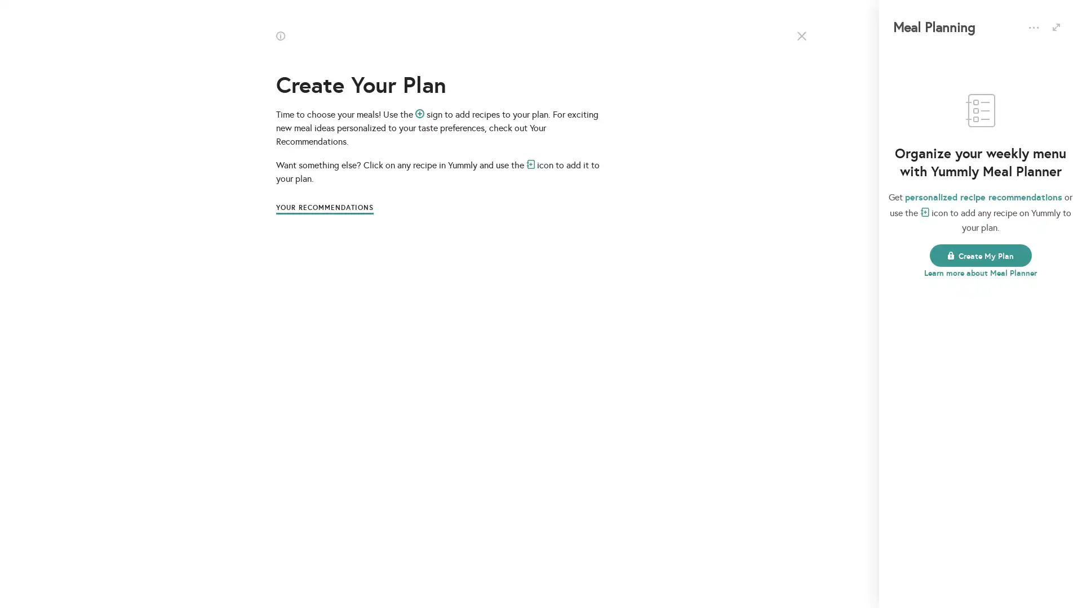 The image size is (1082, 608). What do you see at coordinates (619, 321) in the screenshot?
I see `Vegetarian` at bounding box center [619, 321].